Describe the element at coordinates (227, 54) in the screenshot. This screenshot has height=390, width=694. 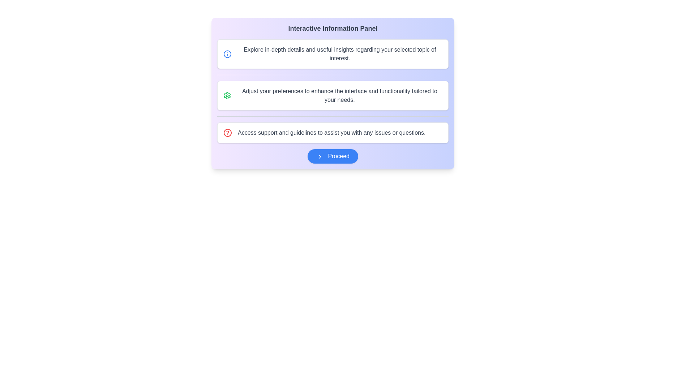
I see `the circular blue outlined icon located in the topmost card of a vertically-stacked group of options` at that location.